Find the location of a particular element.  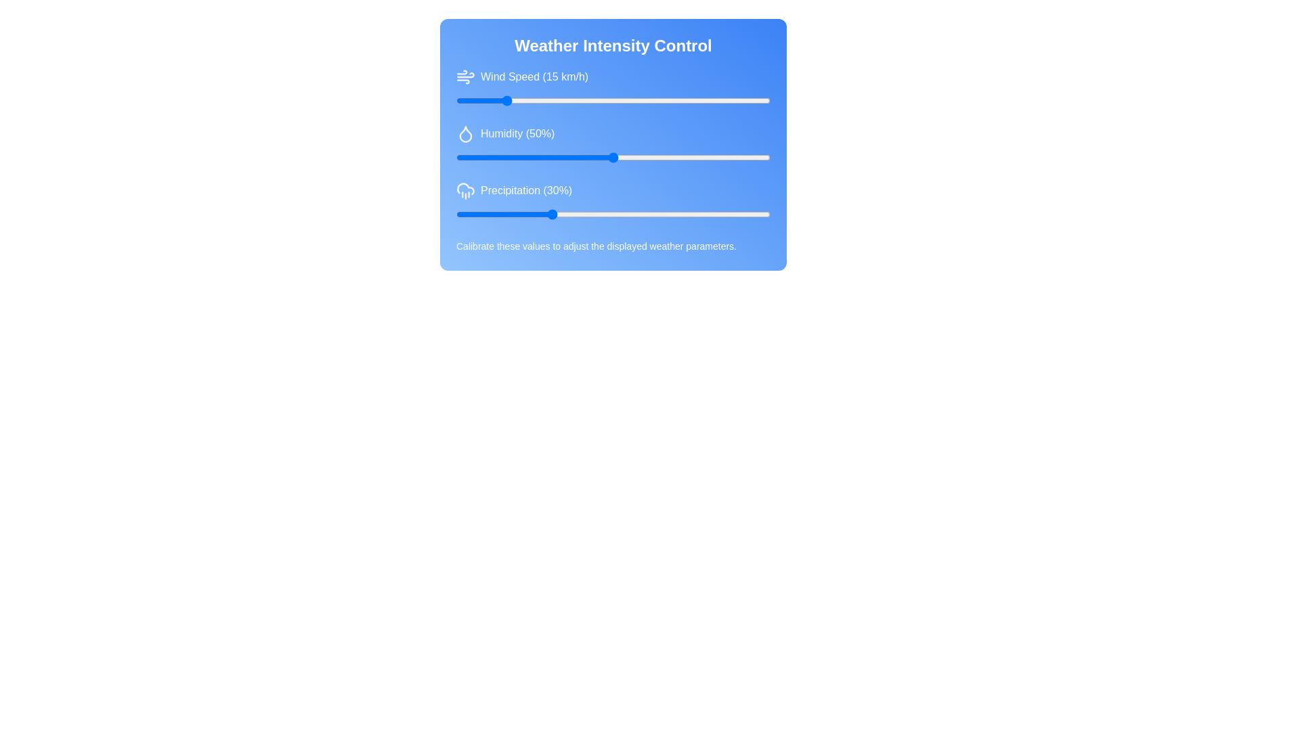

the wind speed is located at coordinates (615, 100).